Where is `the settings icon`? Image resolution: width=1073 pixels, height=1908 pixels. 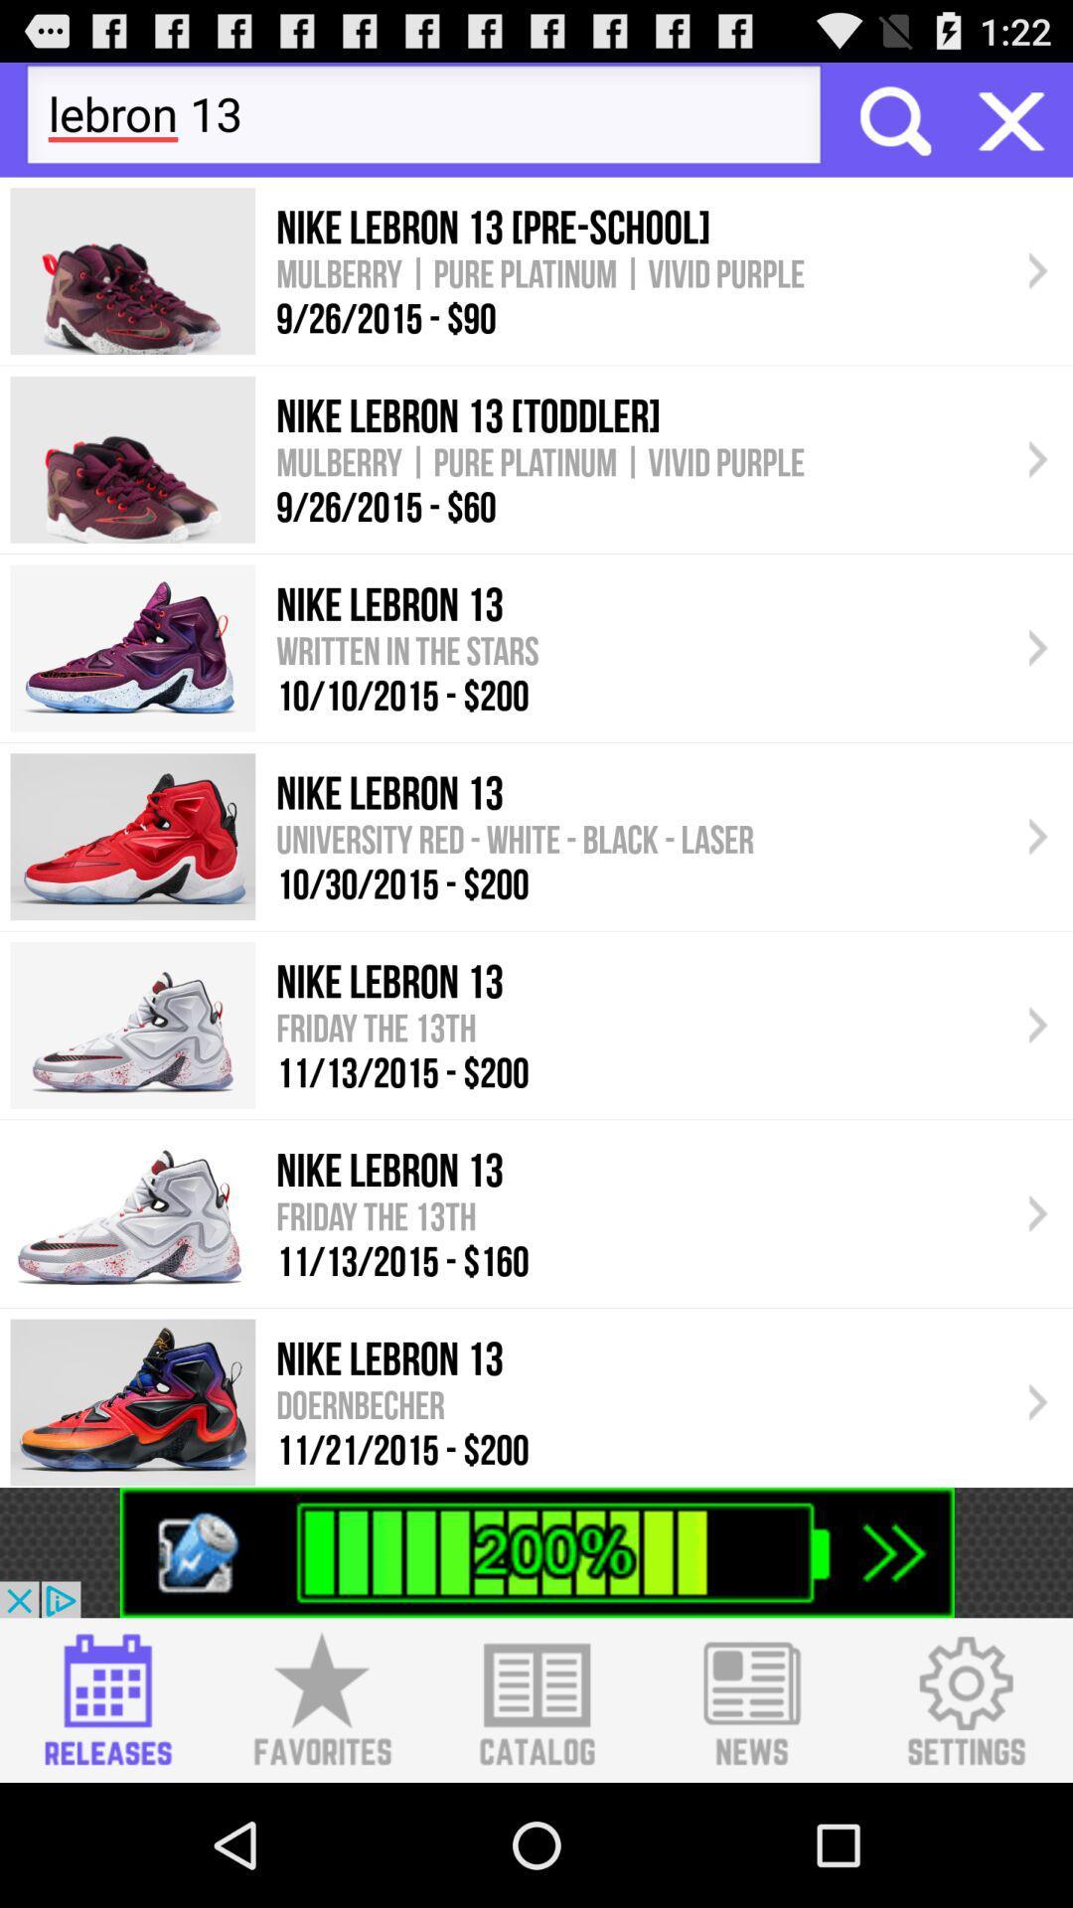 the settings icon is located at coordinates (965, 1820).